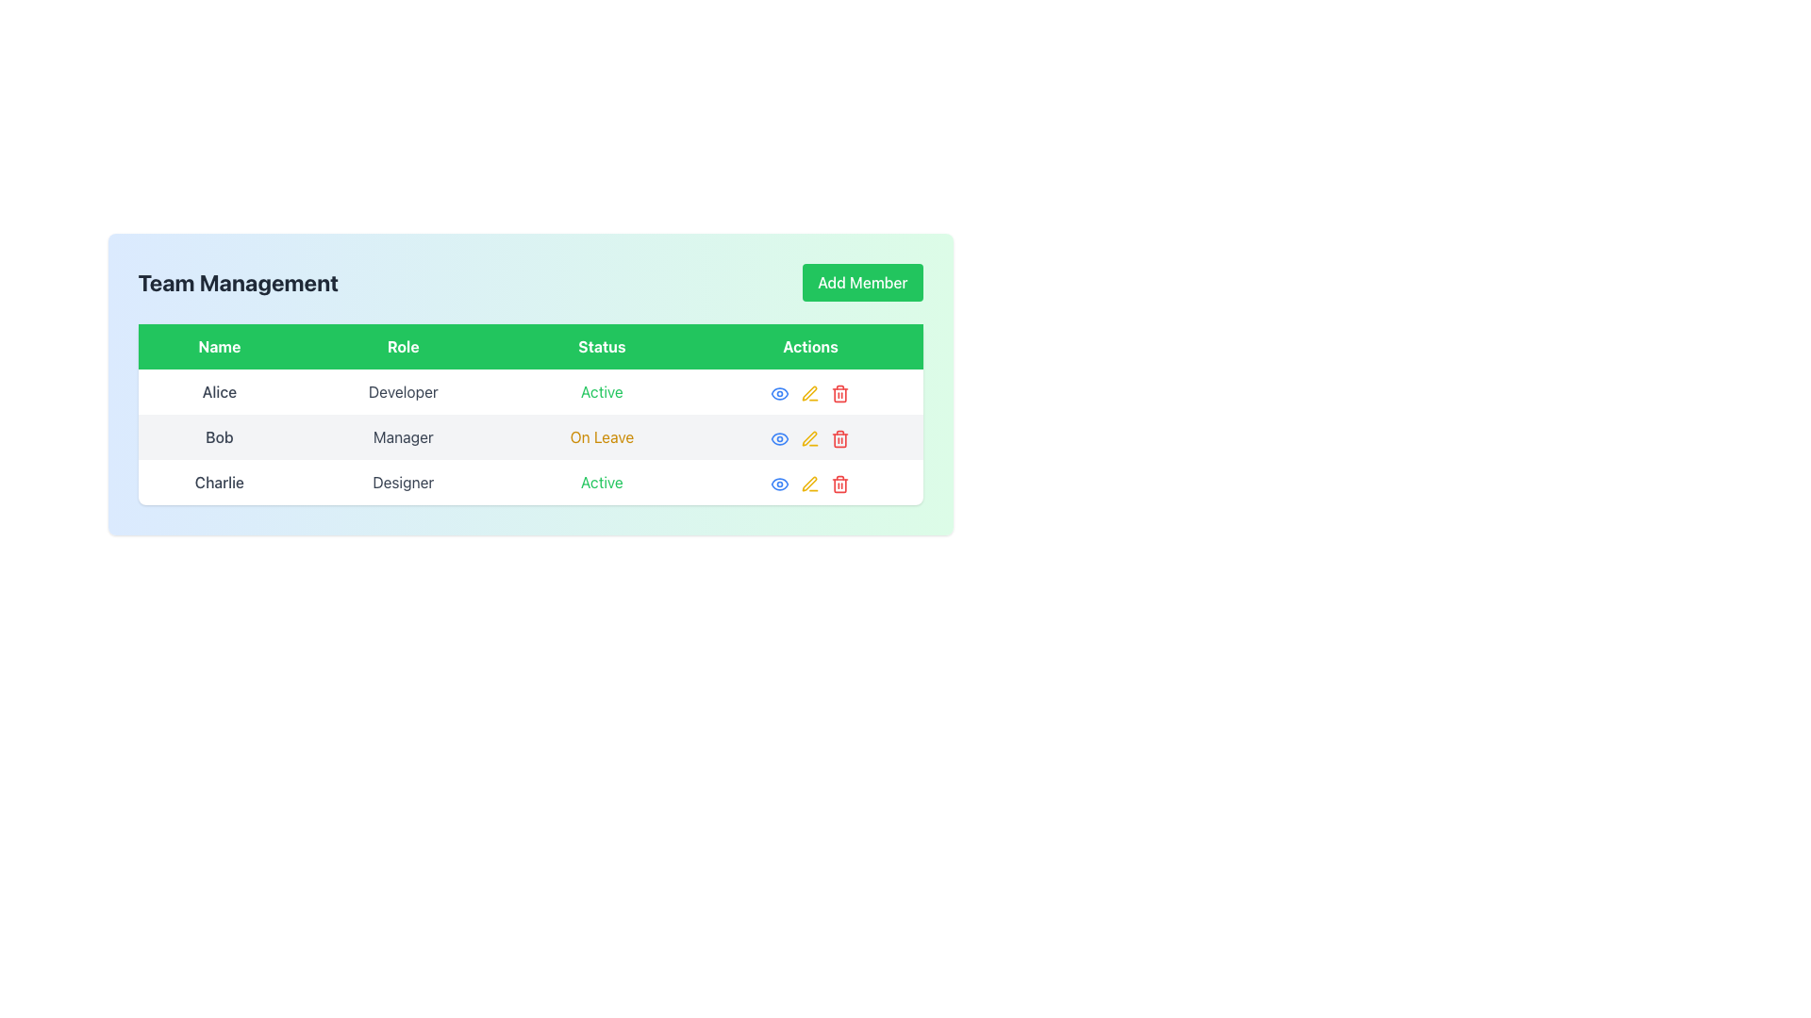 Image resolution: width=1811 pixels, height=1018 pixels. I want to click on the Text Display element that indicates the role of the individual in the second row of the grid-like table under the 'Role' column, adjacent to 'Bob' in the 'Name' column and 'On Leave' in the 'Status' column, so click(402, 436).